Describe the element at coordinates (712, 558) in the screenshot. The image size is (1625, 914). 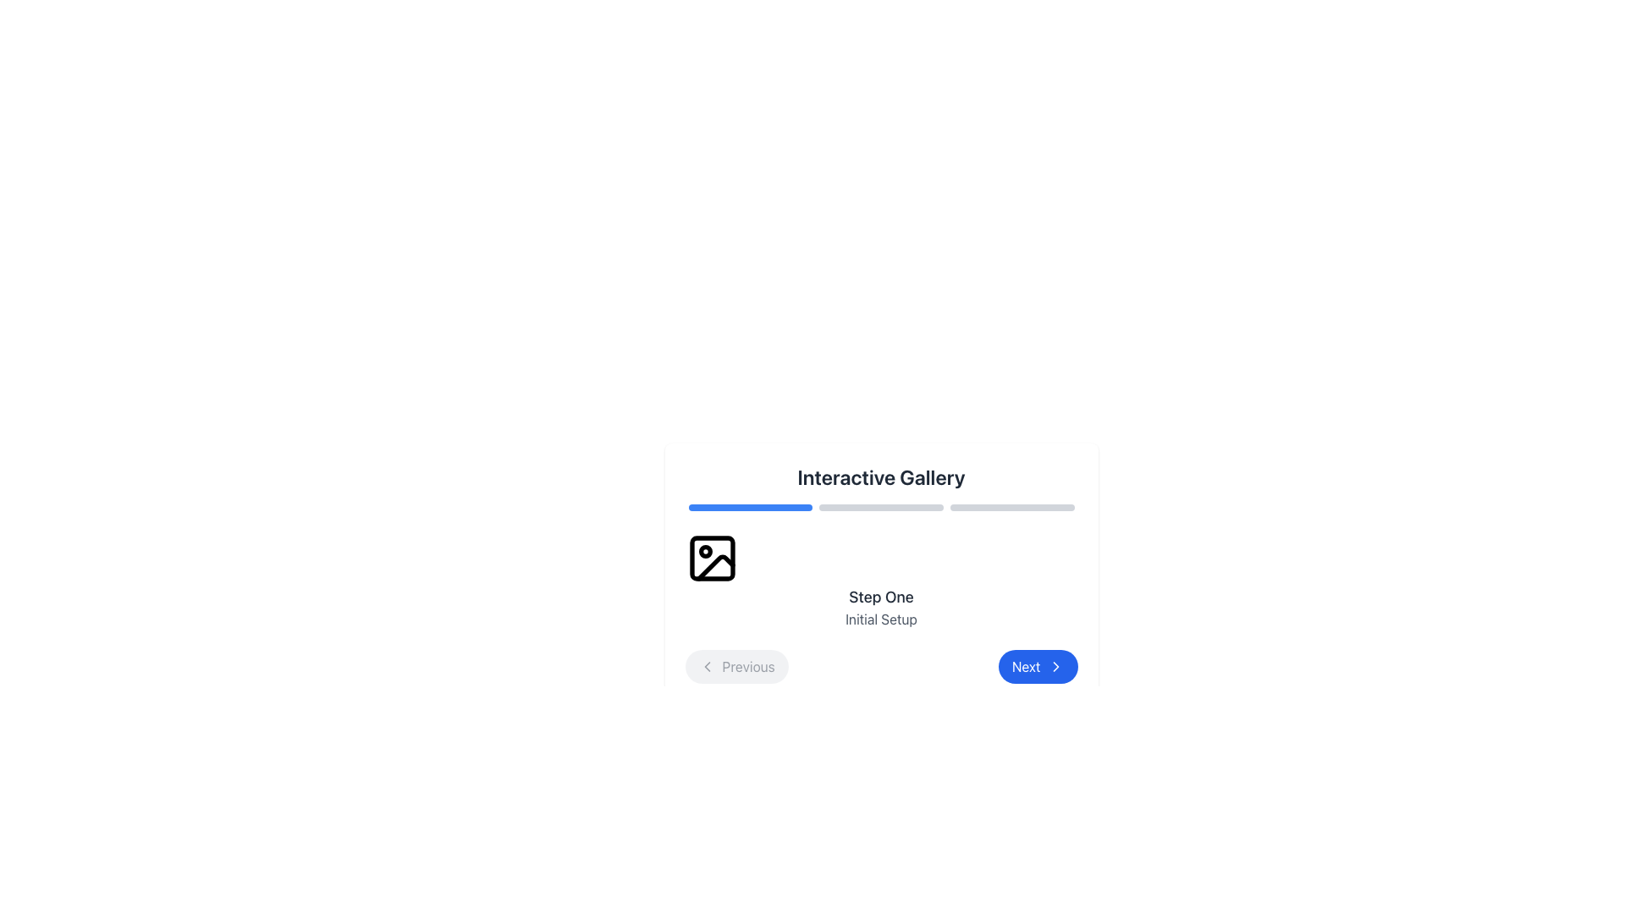
I see `the small rounded rectangle background element that is located inside the larger picture frame icon, positioned below the progress bar and above the label 'Step One'` at that location.